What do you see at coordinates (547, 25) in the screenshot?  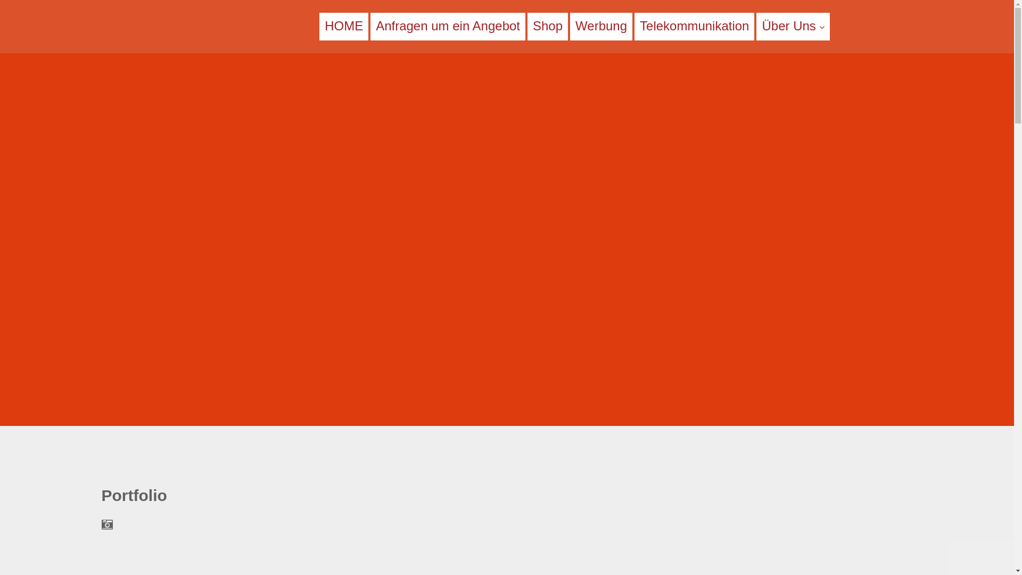 I see `'Shop'` at bounding box center [547, 25].